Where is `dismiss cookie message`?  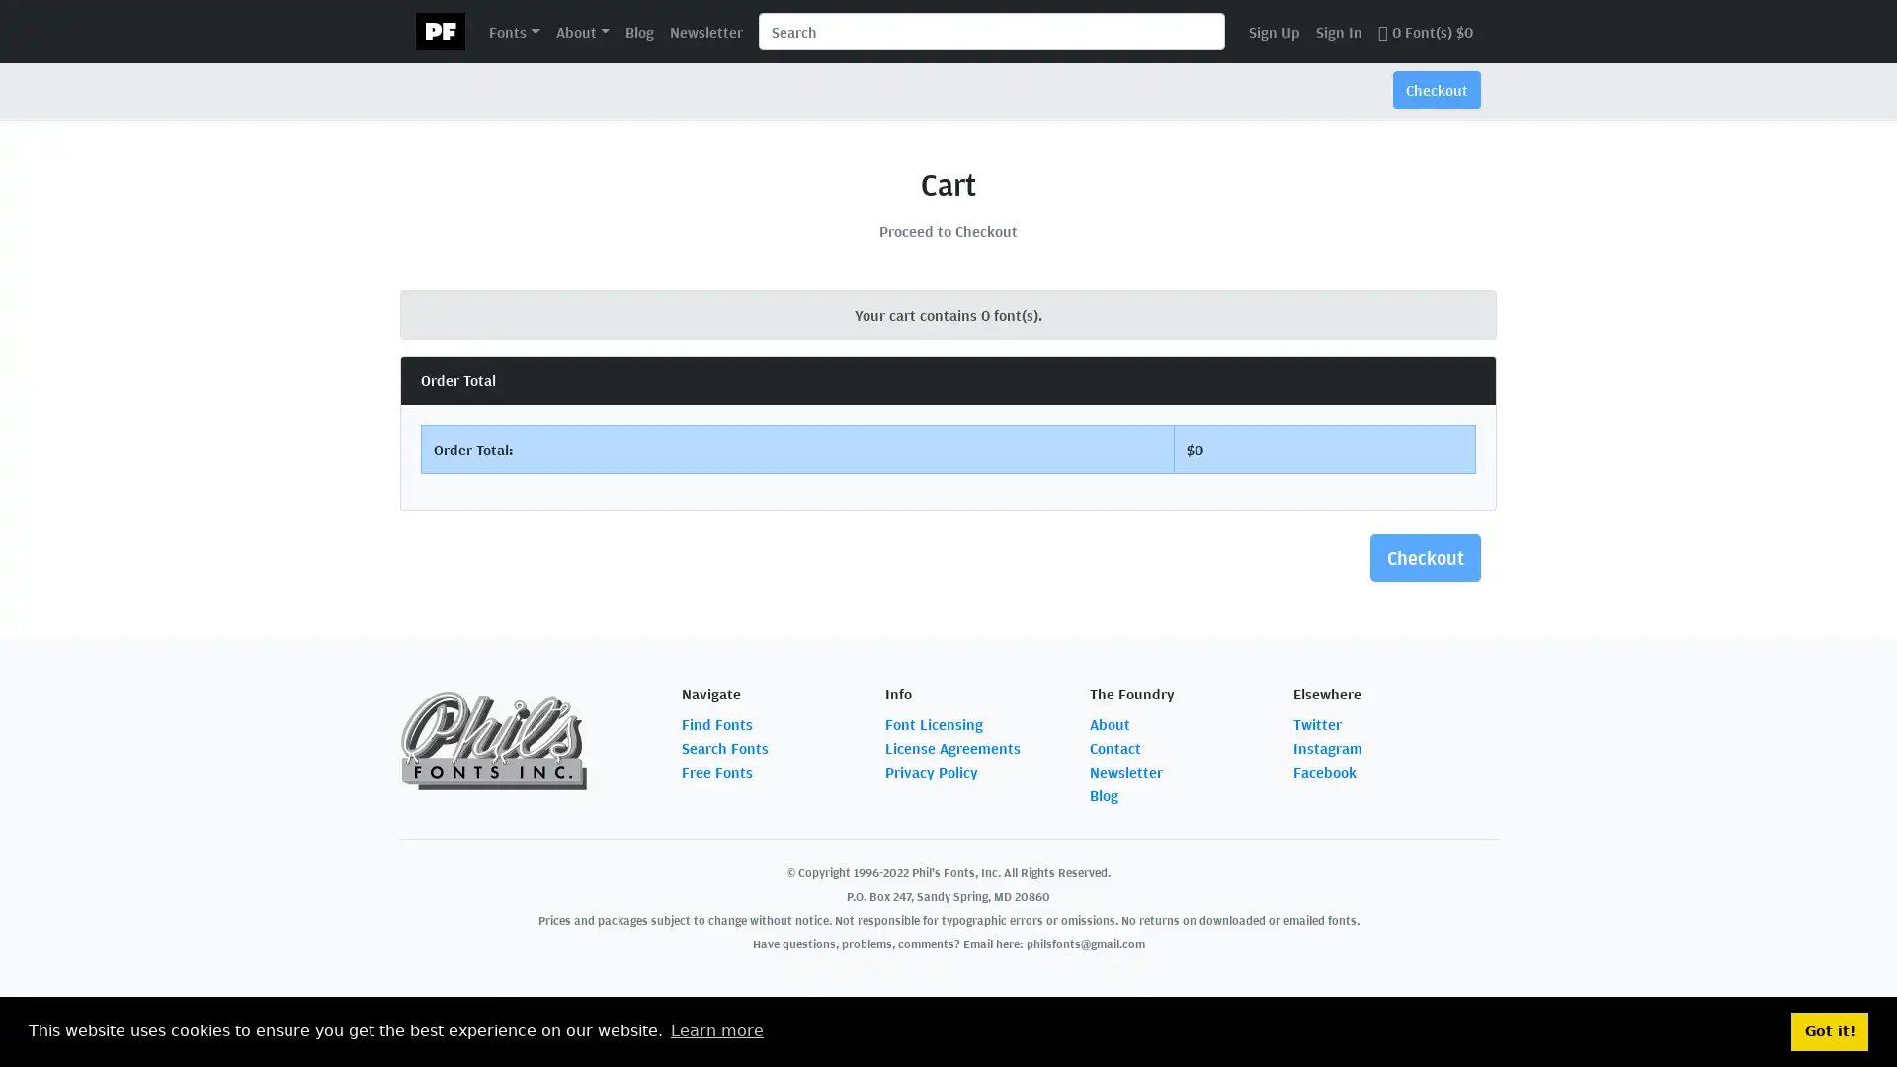 dismiss cookie message is located at coordinates (1829, 1030).